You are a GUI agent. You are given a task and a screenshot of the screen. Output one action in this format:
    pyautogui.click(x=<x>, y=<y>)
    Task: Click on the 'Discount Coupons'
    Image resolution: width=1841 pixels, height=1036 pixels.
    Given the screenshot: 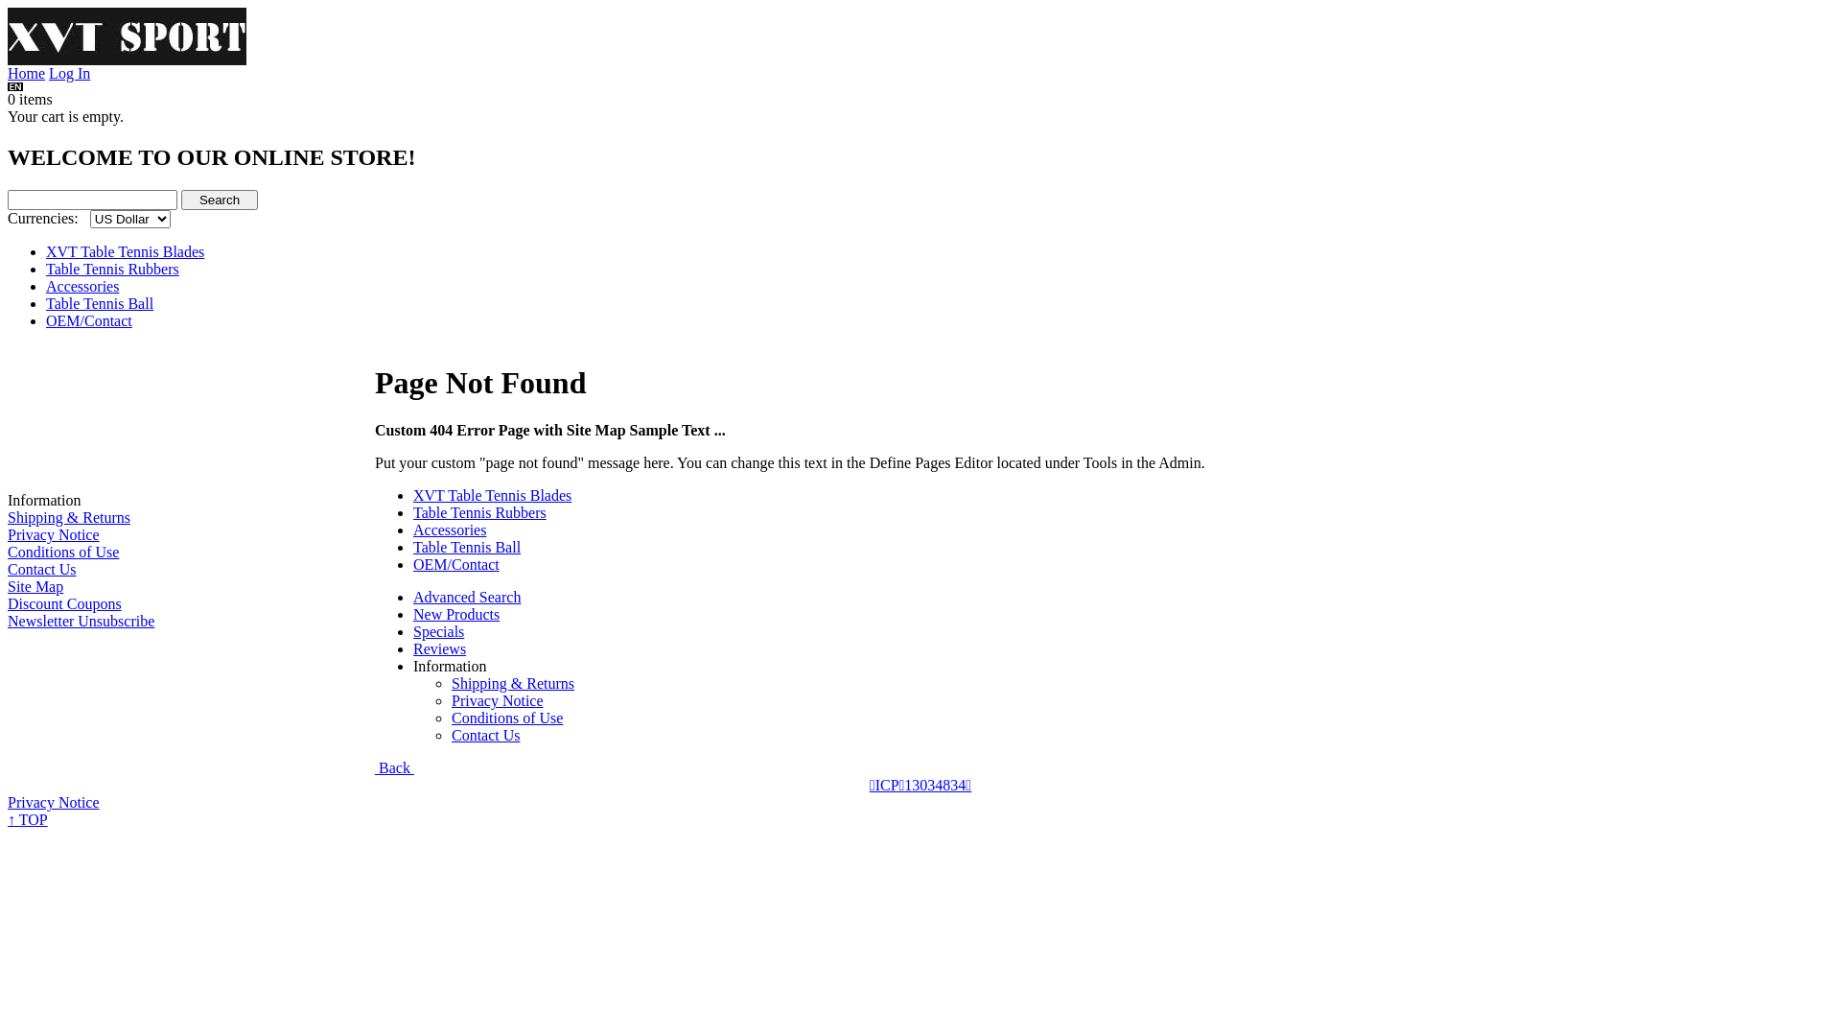 What is the action you would take?
    pyautogui.click(x=8, y=602)
    